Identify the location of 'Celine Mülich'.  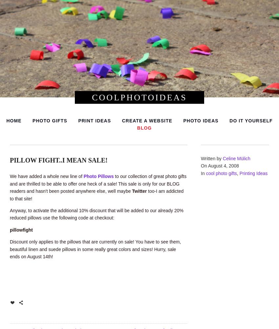
(236, 158).